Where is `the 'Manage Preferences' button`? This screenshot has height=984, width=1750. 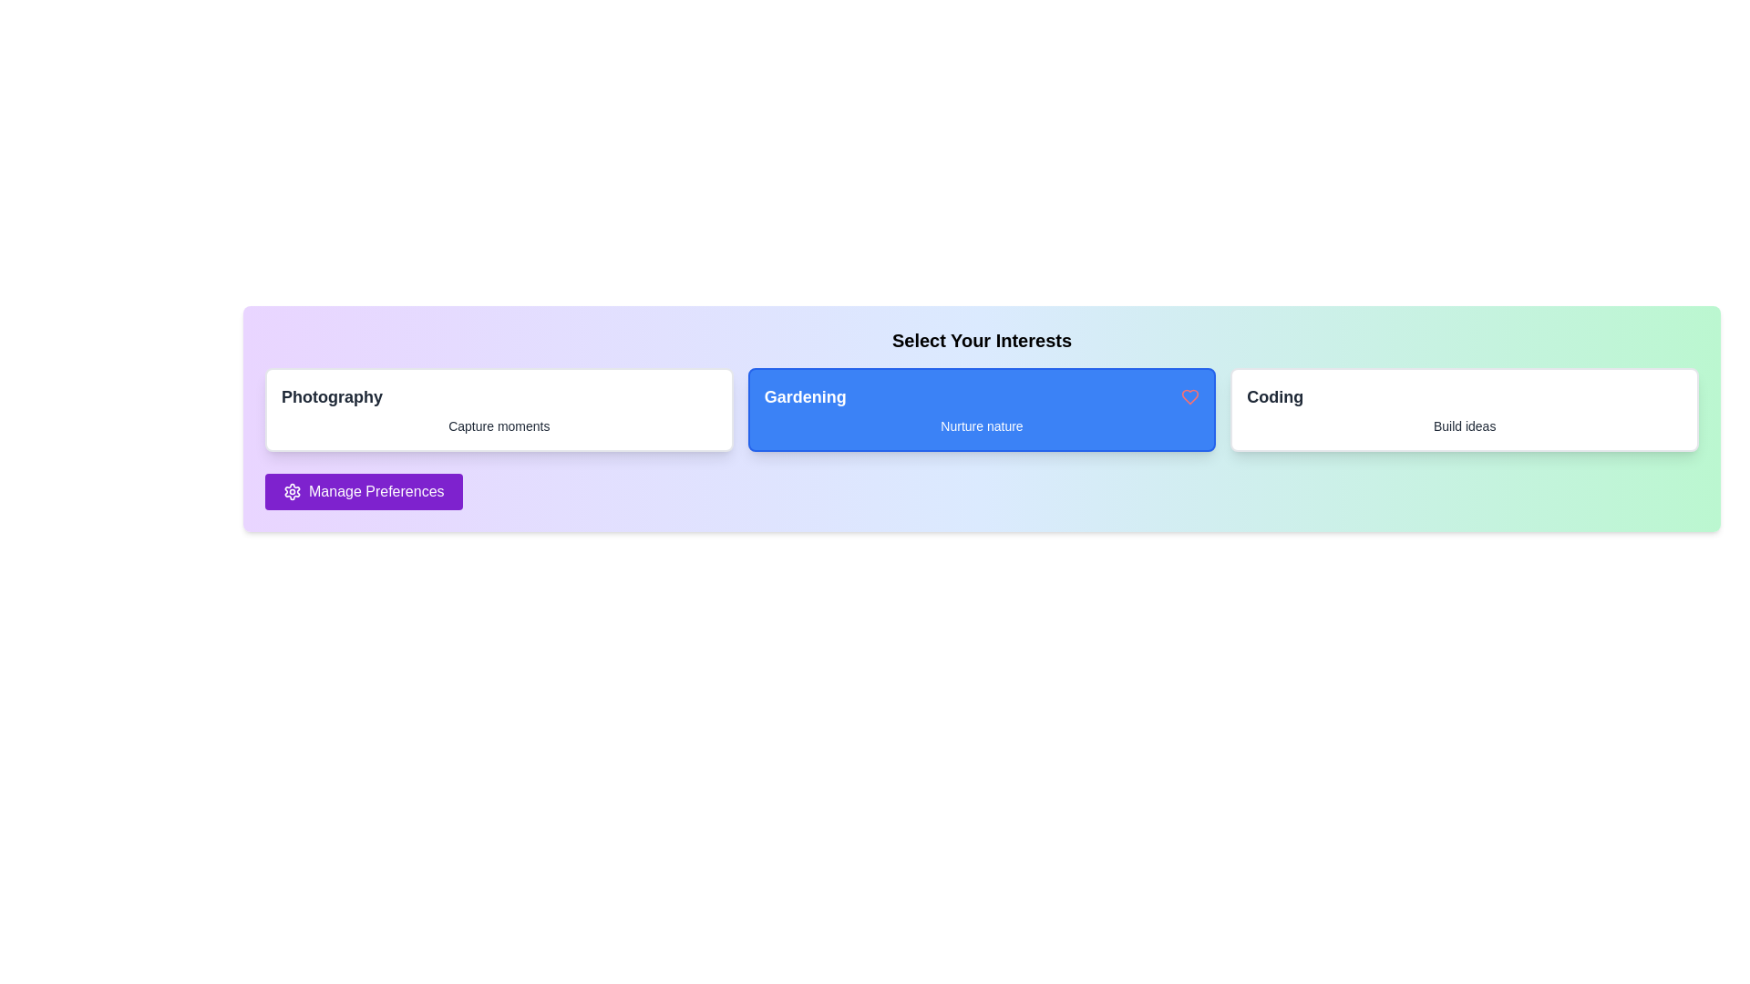 the 'Manage Preferences' button is located at coordinates (364, 492).